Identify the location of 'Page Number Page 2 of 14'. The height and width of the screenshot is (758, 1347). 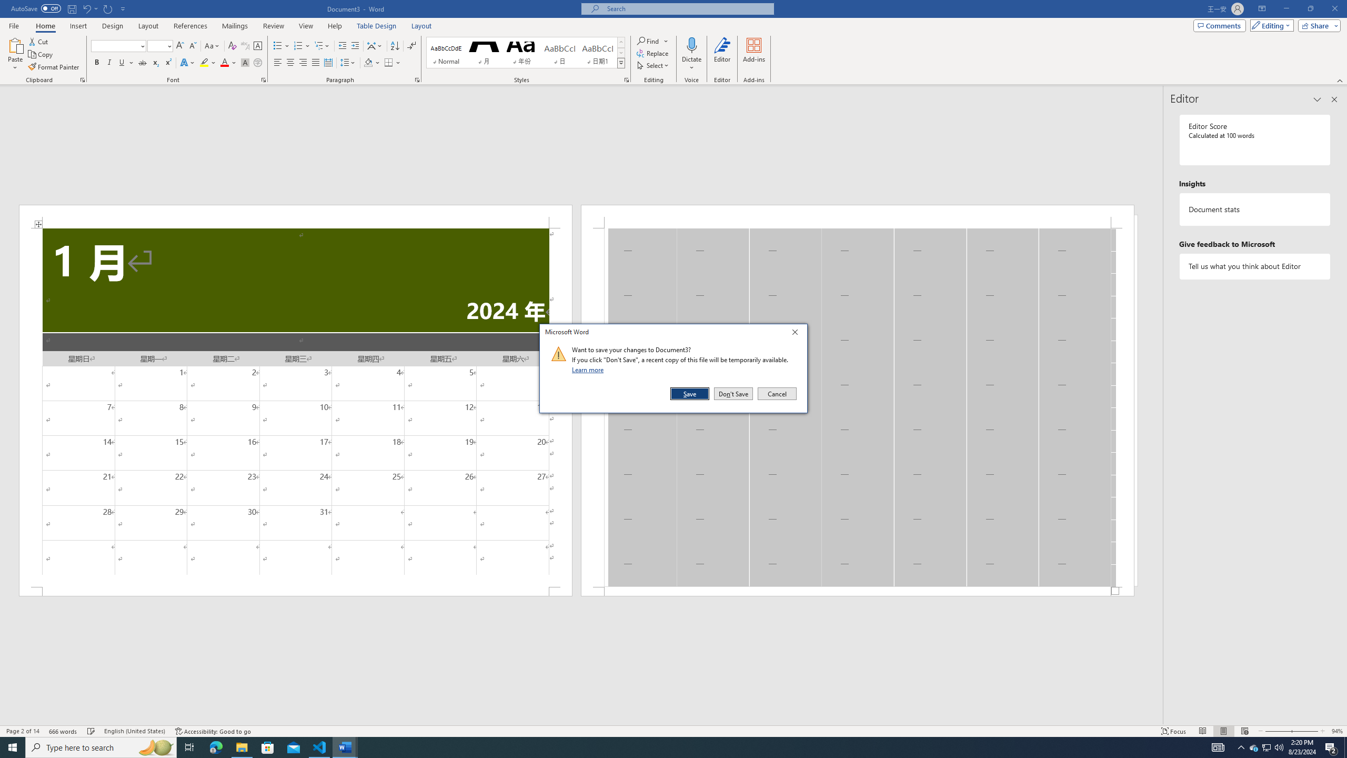
(22, 731).